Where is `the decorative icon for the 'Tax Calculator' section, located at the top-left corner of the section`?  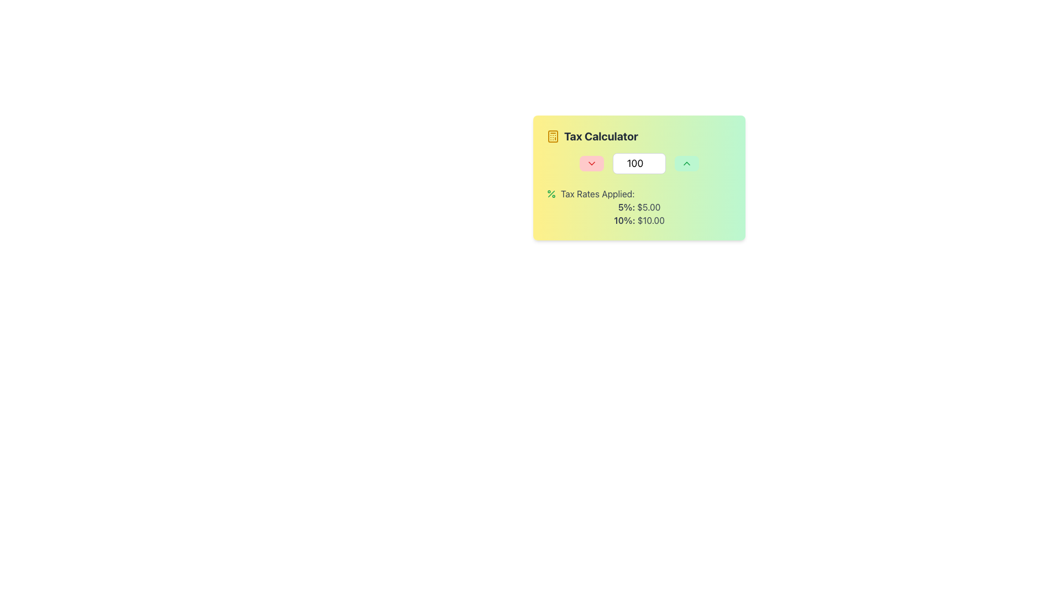 the decorative icon for the 'Tax Calculator' section, located at the top-left corner of the section is located at coordinates (553, 135).